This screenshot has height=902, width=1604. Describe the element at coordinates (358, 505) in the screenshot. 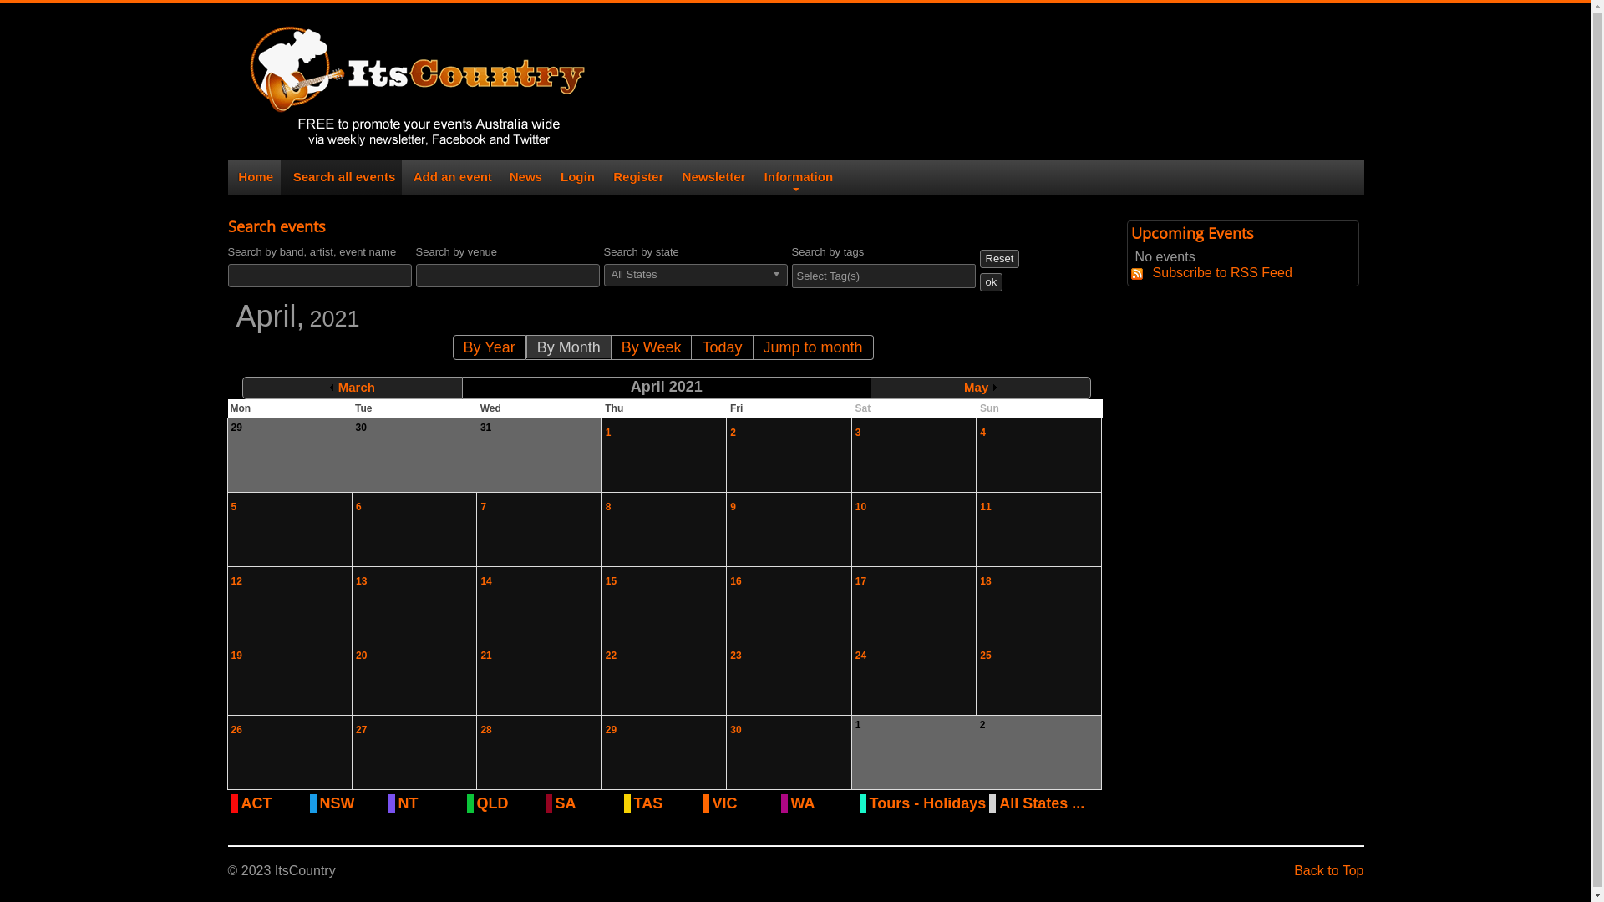

I see `'6'` at that location.